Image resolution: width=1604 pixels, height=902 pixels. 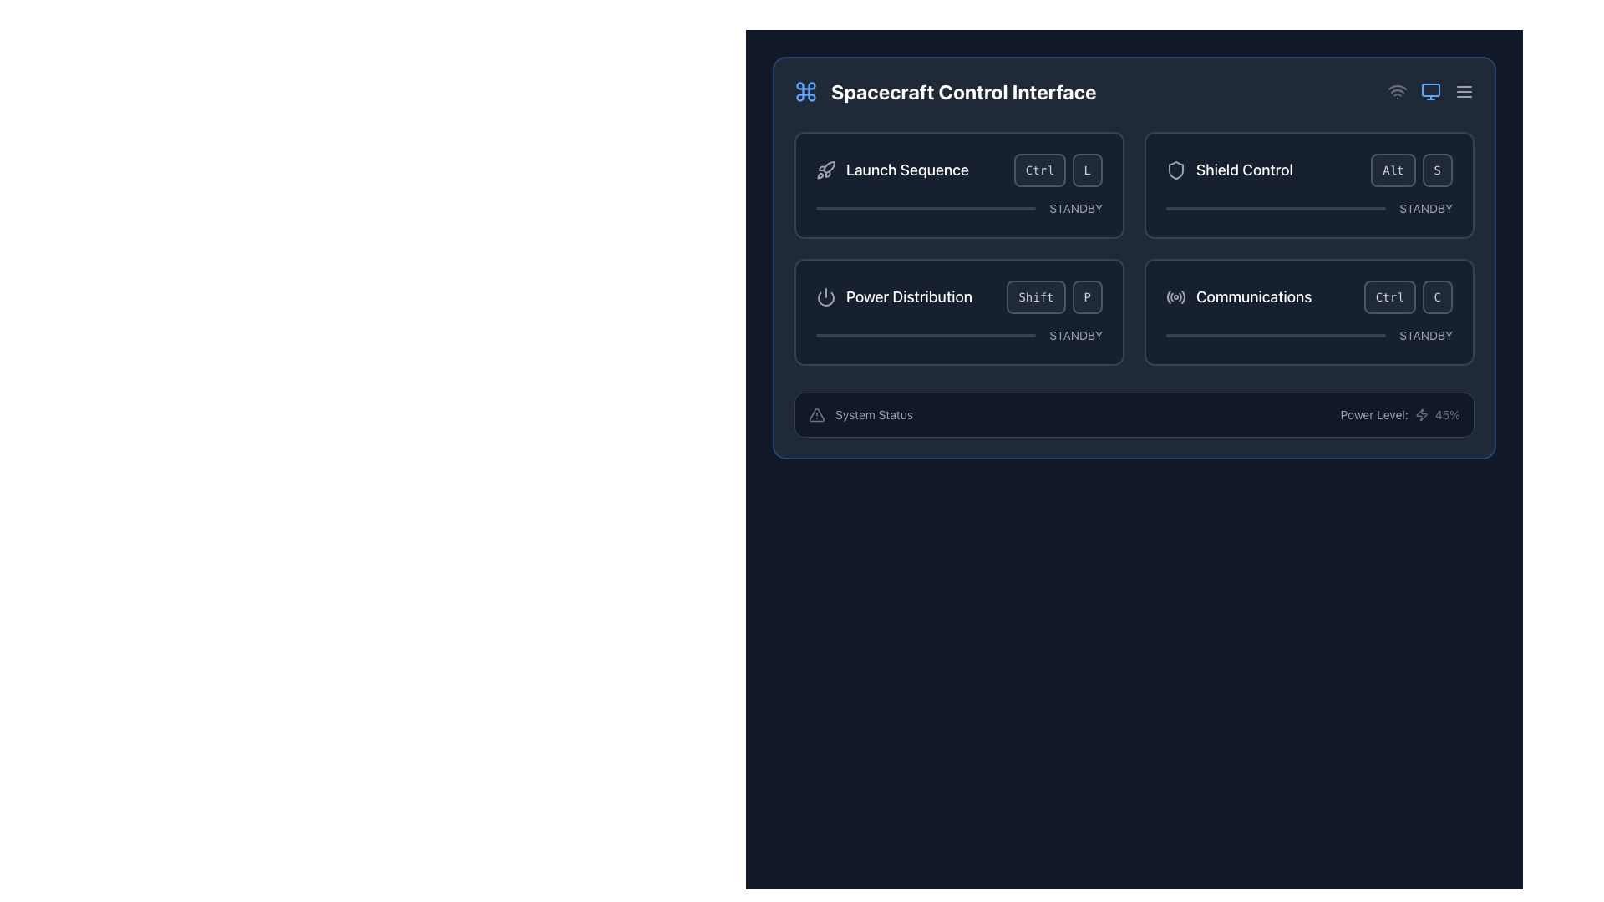 I want to click on the power symbol icon located in the 'Power Distribution' section, which visually indicates the feature's purpose, so click(x=825, y=296).